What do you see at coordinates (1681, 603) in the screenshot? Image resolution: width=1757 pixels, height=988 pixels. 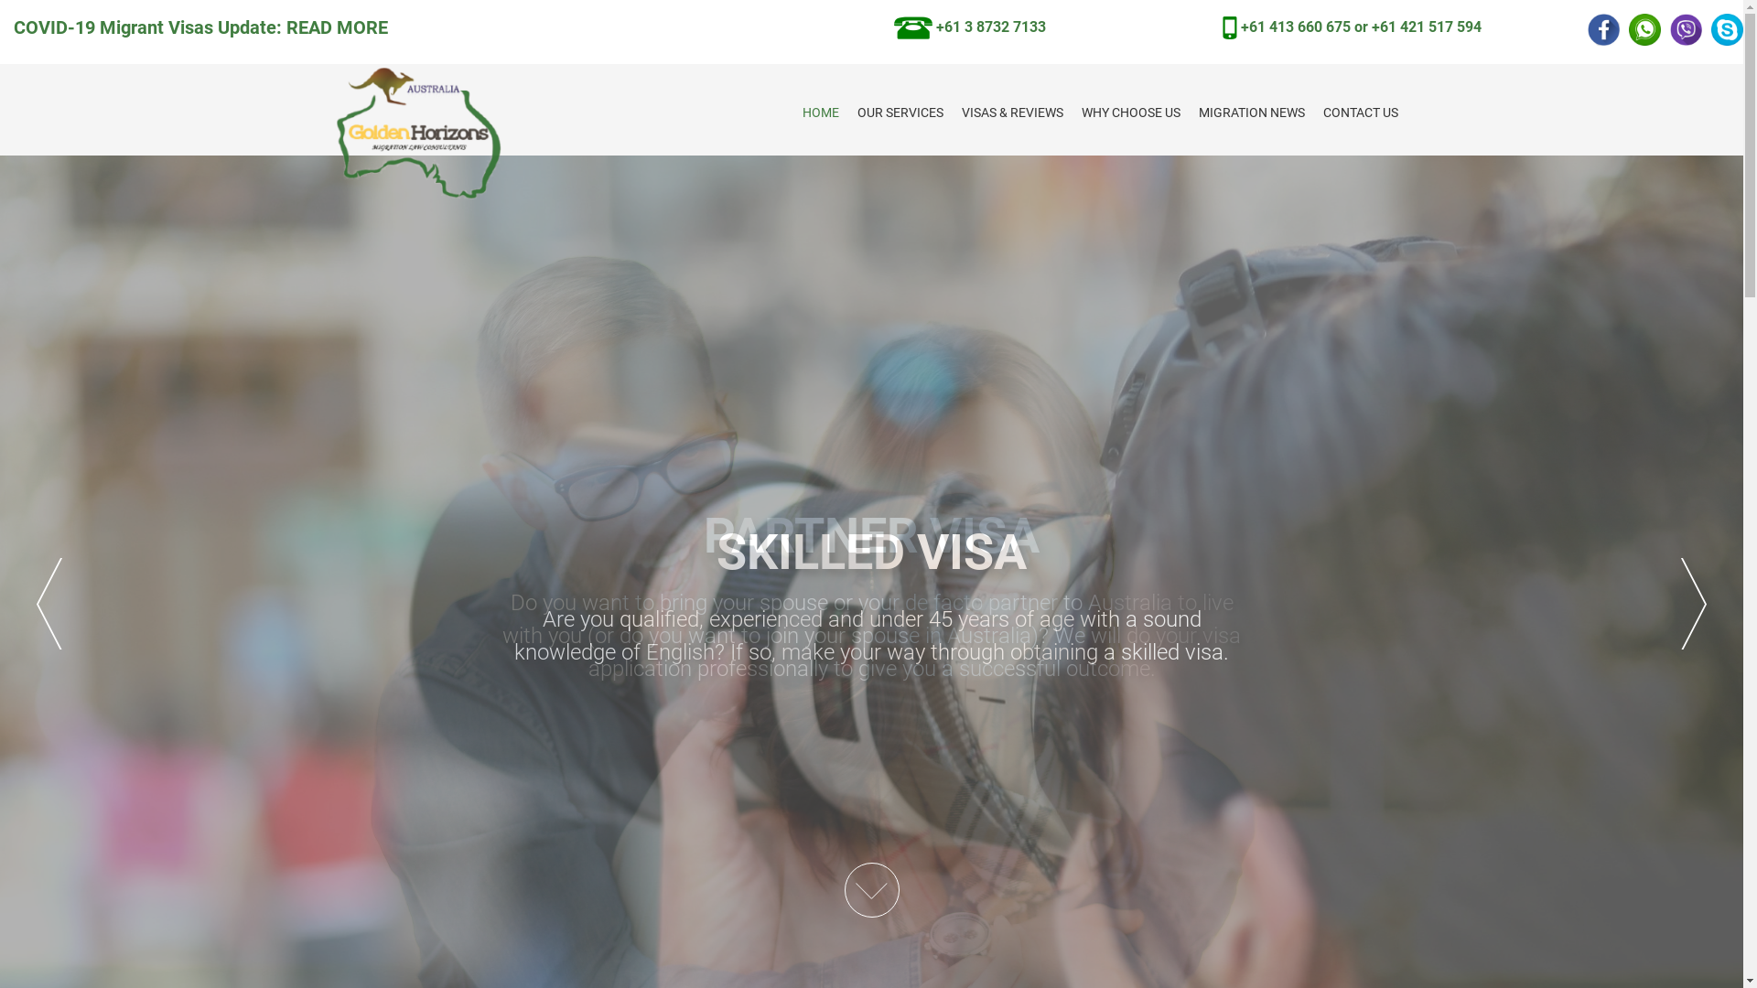 I see `'Next'` at bounding box center [1681, 603].